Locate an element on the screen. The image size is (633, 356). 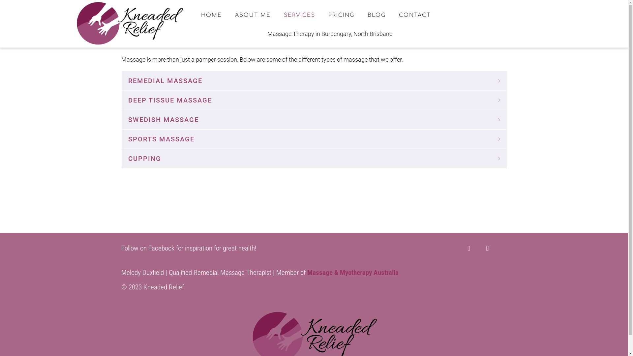
'Massage & Myotherapy Australia' is located at coordinates (352, 272).